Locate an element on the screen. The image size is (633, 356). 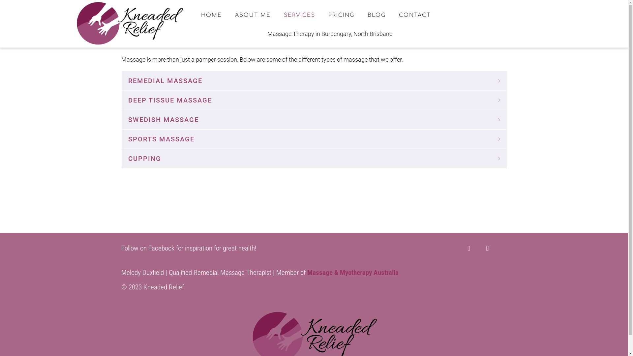
'Massage & Myotherapy Australia' is located at coordinates (352, 272).